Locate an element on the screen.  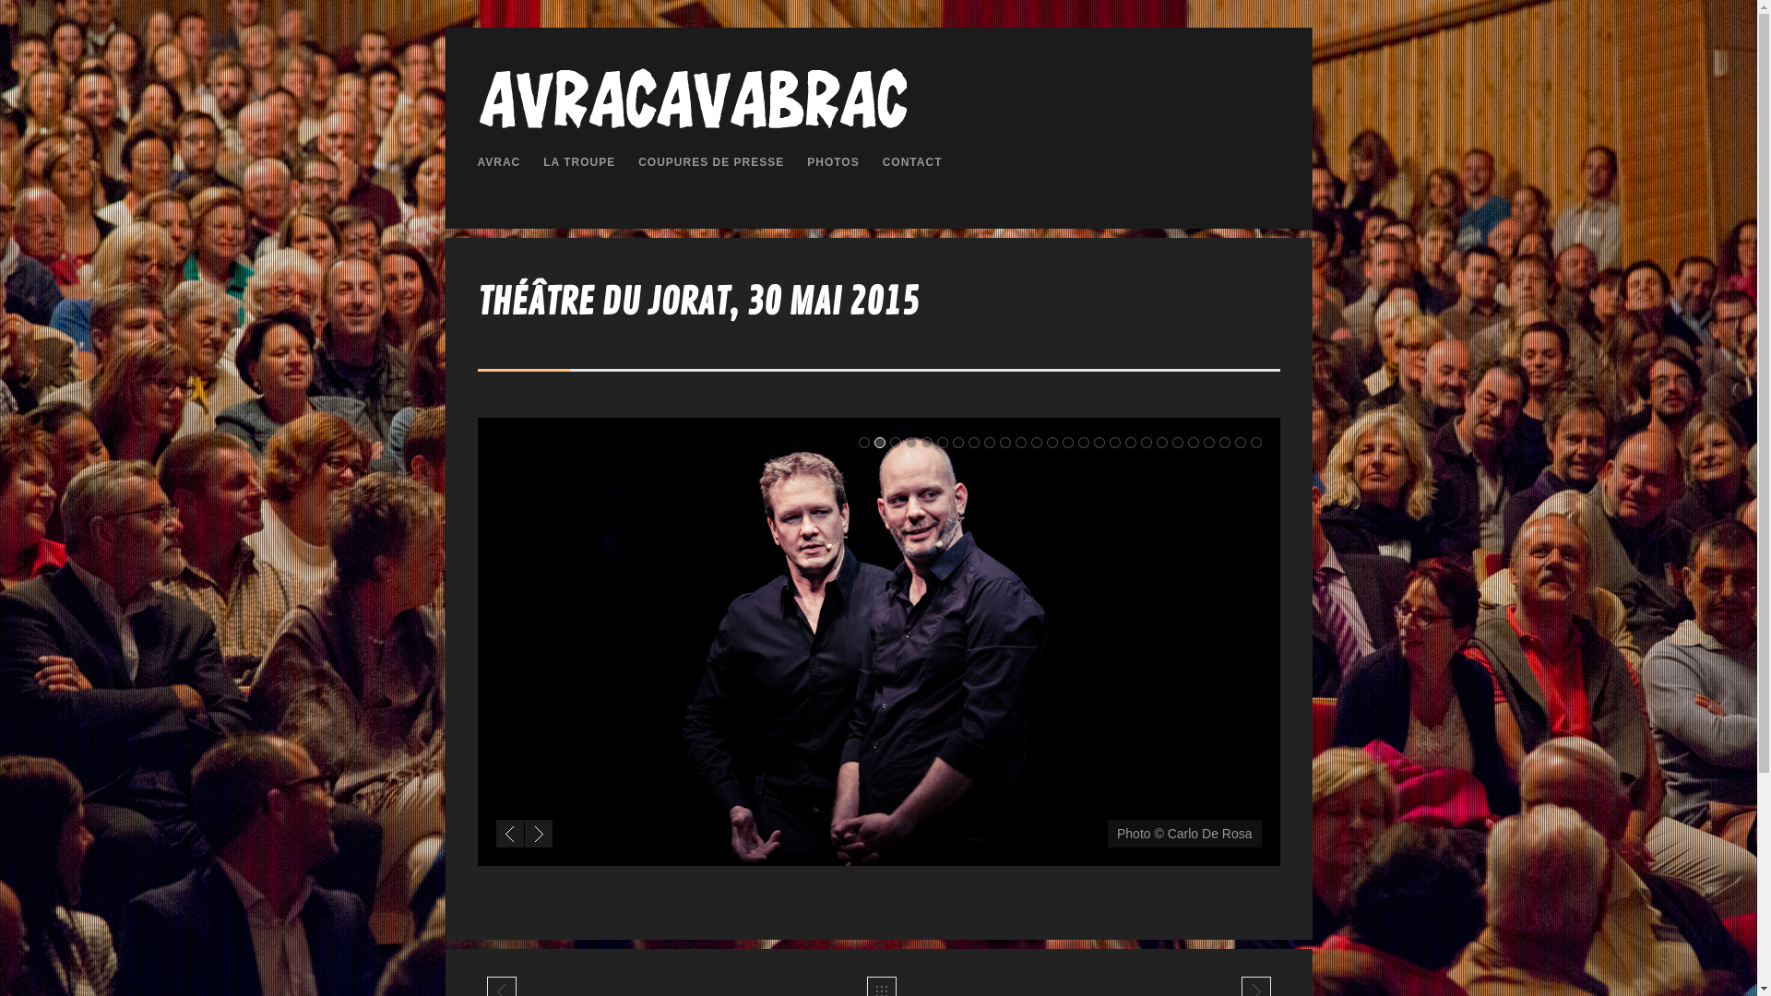
'Previous' is located at coordinates (495, 833).